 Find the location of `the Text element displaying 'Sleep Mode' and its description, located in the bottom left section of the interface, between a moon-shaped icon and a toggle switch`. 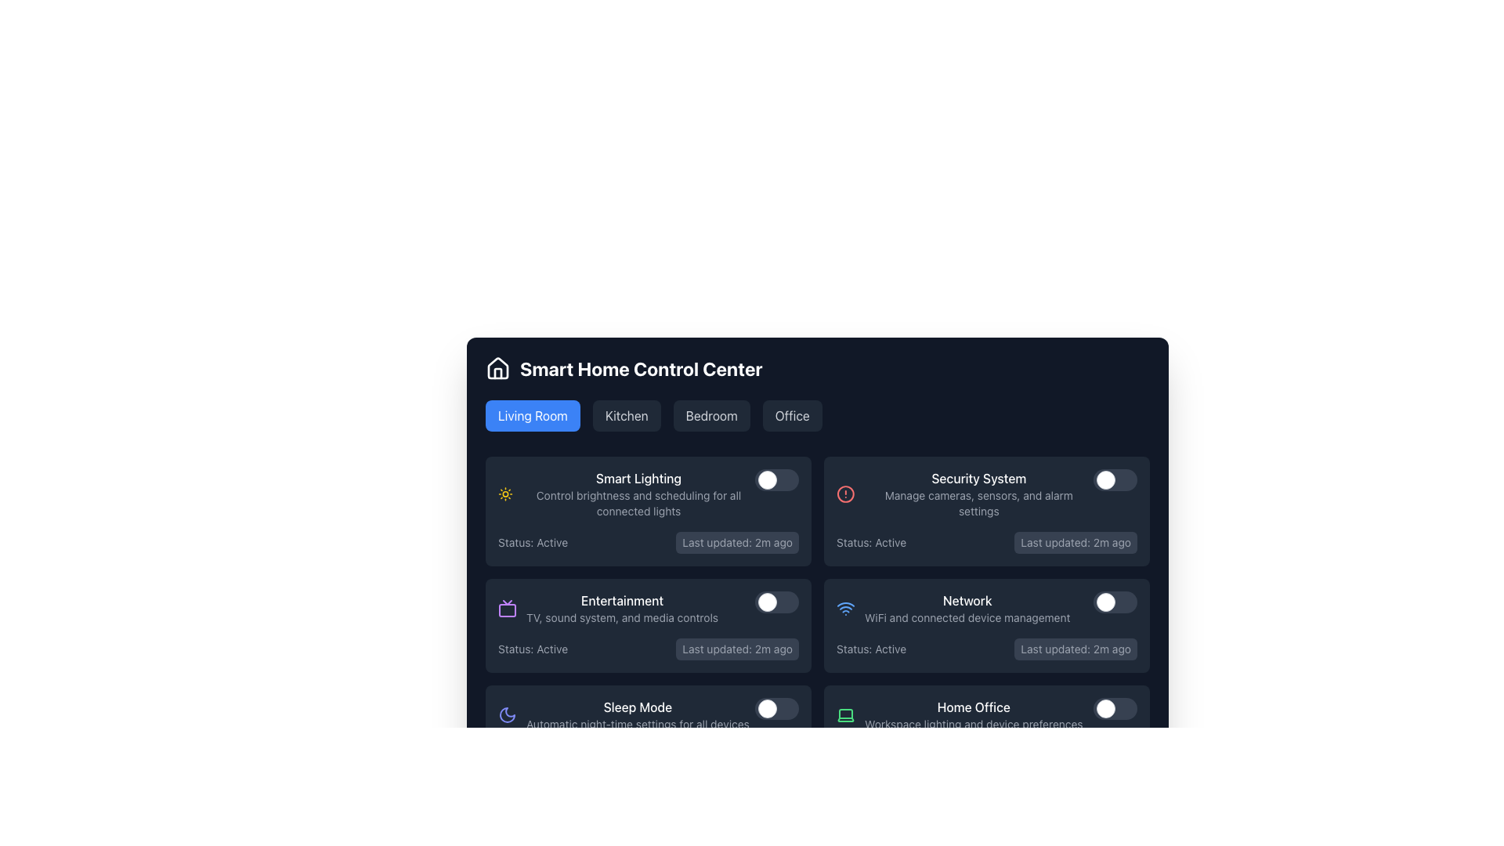

the Text element displaying 'Sleep Mode' and its description, located in the bottom left section of the interface, between a moon-shaped icon and a toggle switch is located at coordinates (638, 715).